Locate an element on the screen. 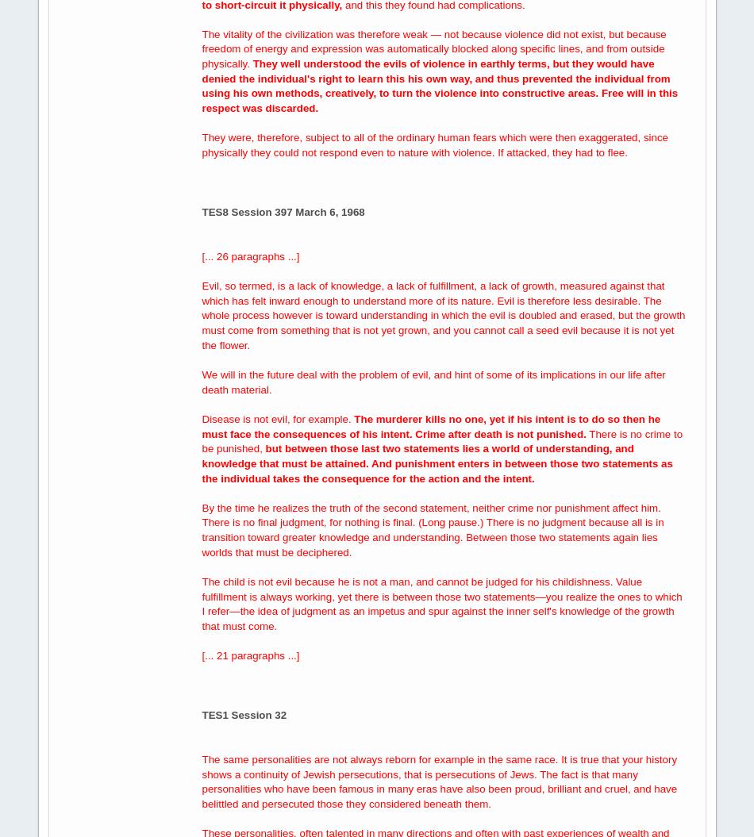 Image resolution: width=754 pixels, height=837 pixels. 'There is no final judgment, for nothing is final. (Long pause.) There is no judgment because all is in transition toward greater knowledge and understanding. Between those two statements again lies worlds that must be deciphered.' is located at coordinates (433, 536).